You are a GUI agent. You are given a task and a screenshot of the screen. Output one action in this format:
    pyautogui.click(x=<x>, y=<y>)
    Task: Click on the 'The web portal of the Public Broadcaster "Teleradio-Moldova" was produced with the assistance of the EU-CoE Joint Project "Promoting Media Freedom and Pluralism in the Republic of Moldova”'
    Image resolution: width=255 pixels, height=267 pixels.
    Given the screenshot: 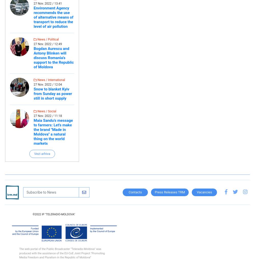 What is the action you would take?
    pyautogui.click(x=61, y=253)
    